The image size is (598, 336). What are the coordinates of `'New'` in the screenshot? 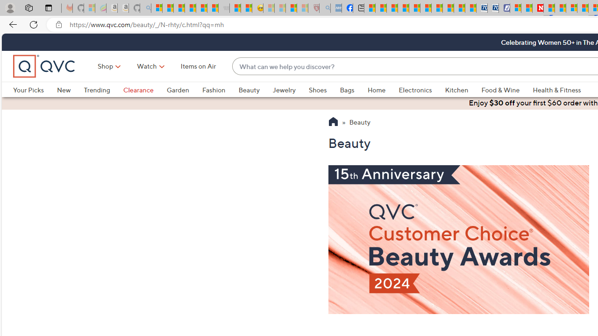 It's located at (70, 90).